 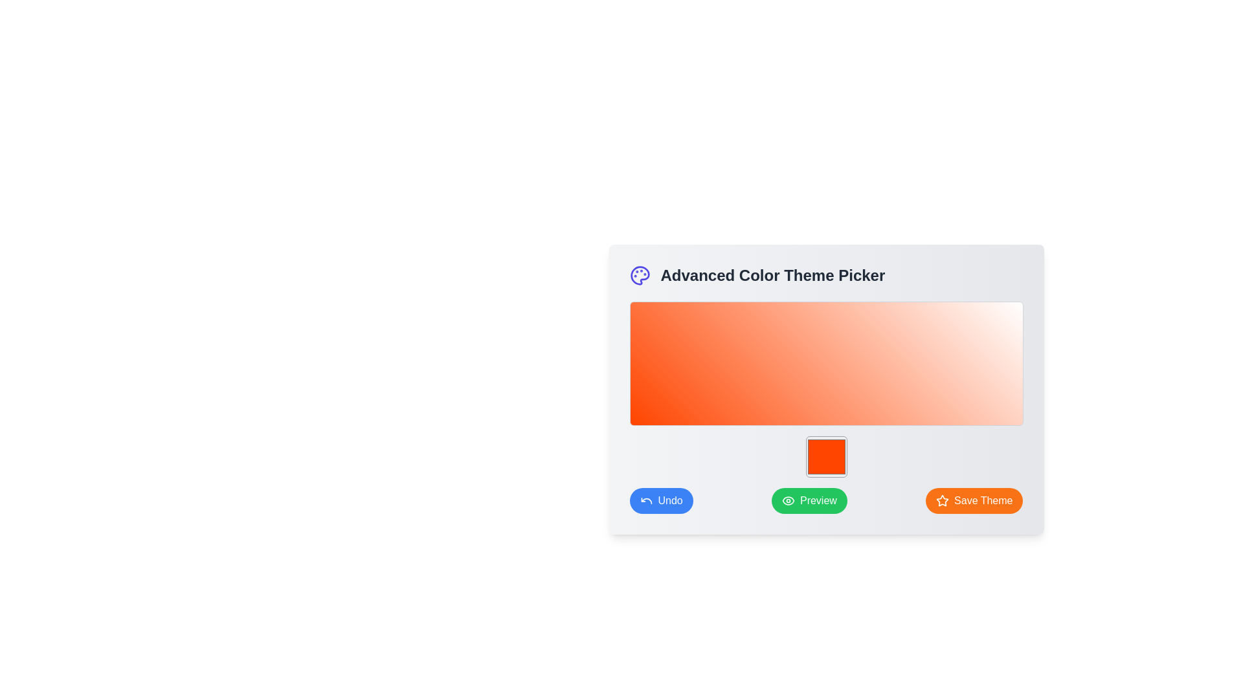 I want to click on the eye-shaped icon located within the green 'Preview' button, which is positioned below the gradient color picker area, so click(x=787, y=500).